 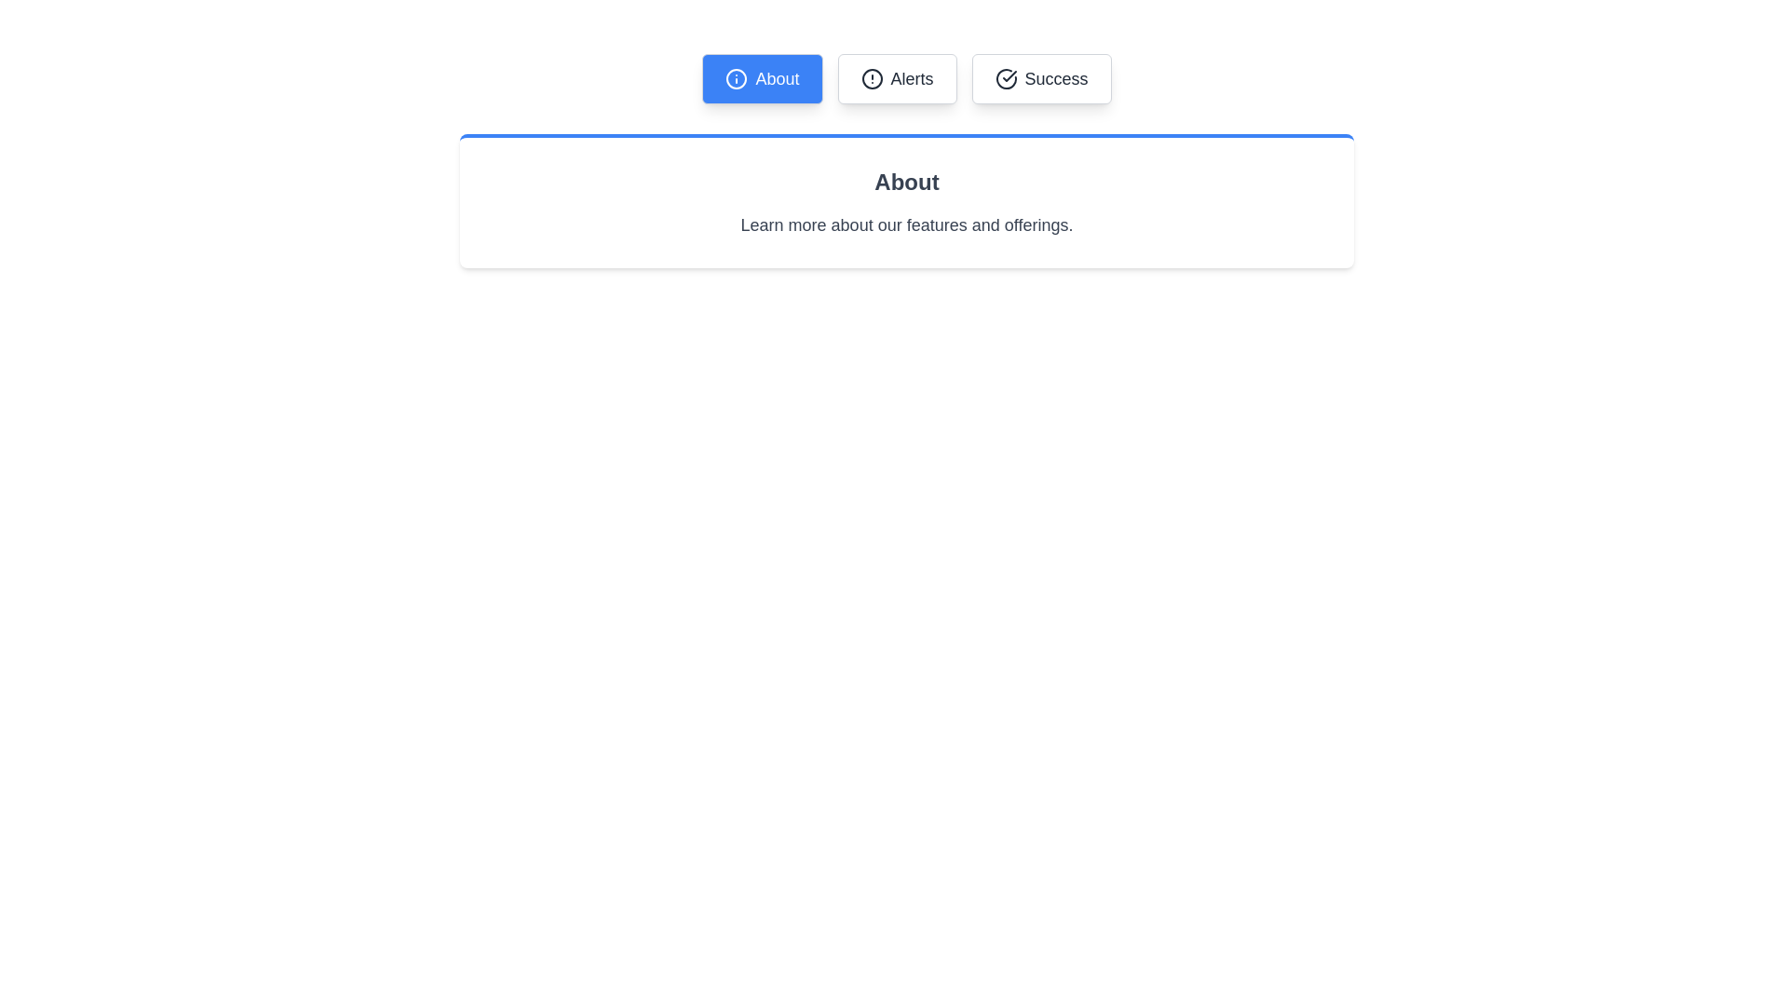 I want to click on the header text element within the card that indicates the content or context, positioned above the 'Learn more about our features and offerings.' text, so click(x=907, y=183).